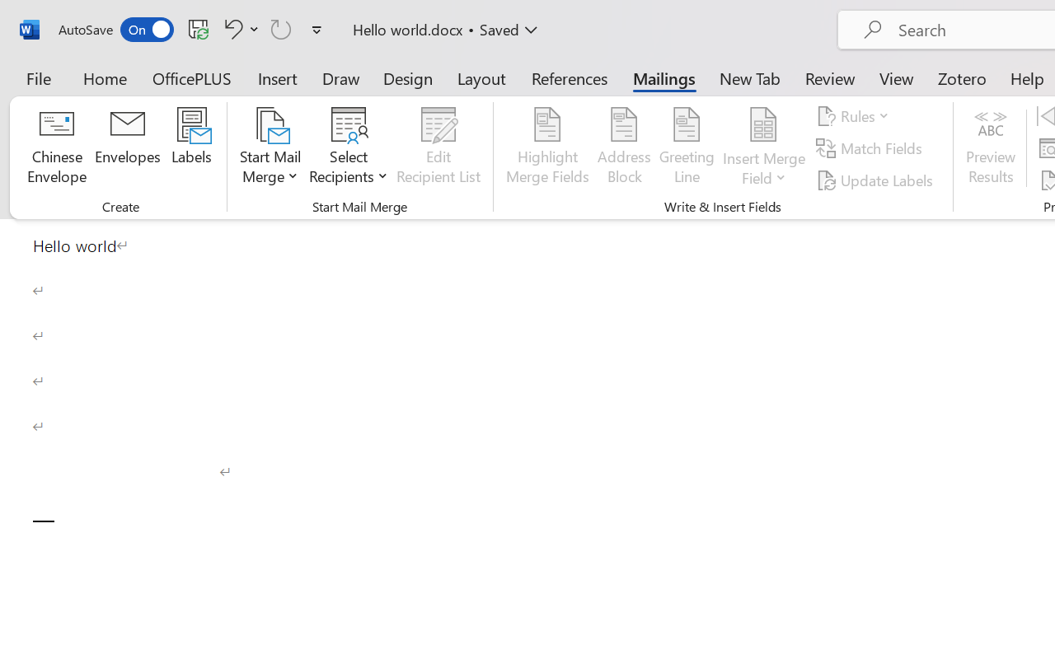 The height and width of the screenshot is (659, 1055). Describe the element at coordinates (281, 28) in the screenshot. I see `'Can'` at that location.